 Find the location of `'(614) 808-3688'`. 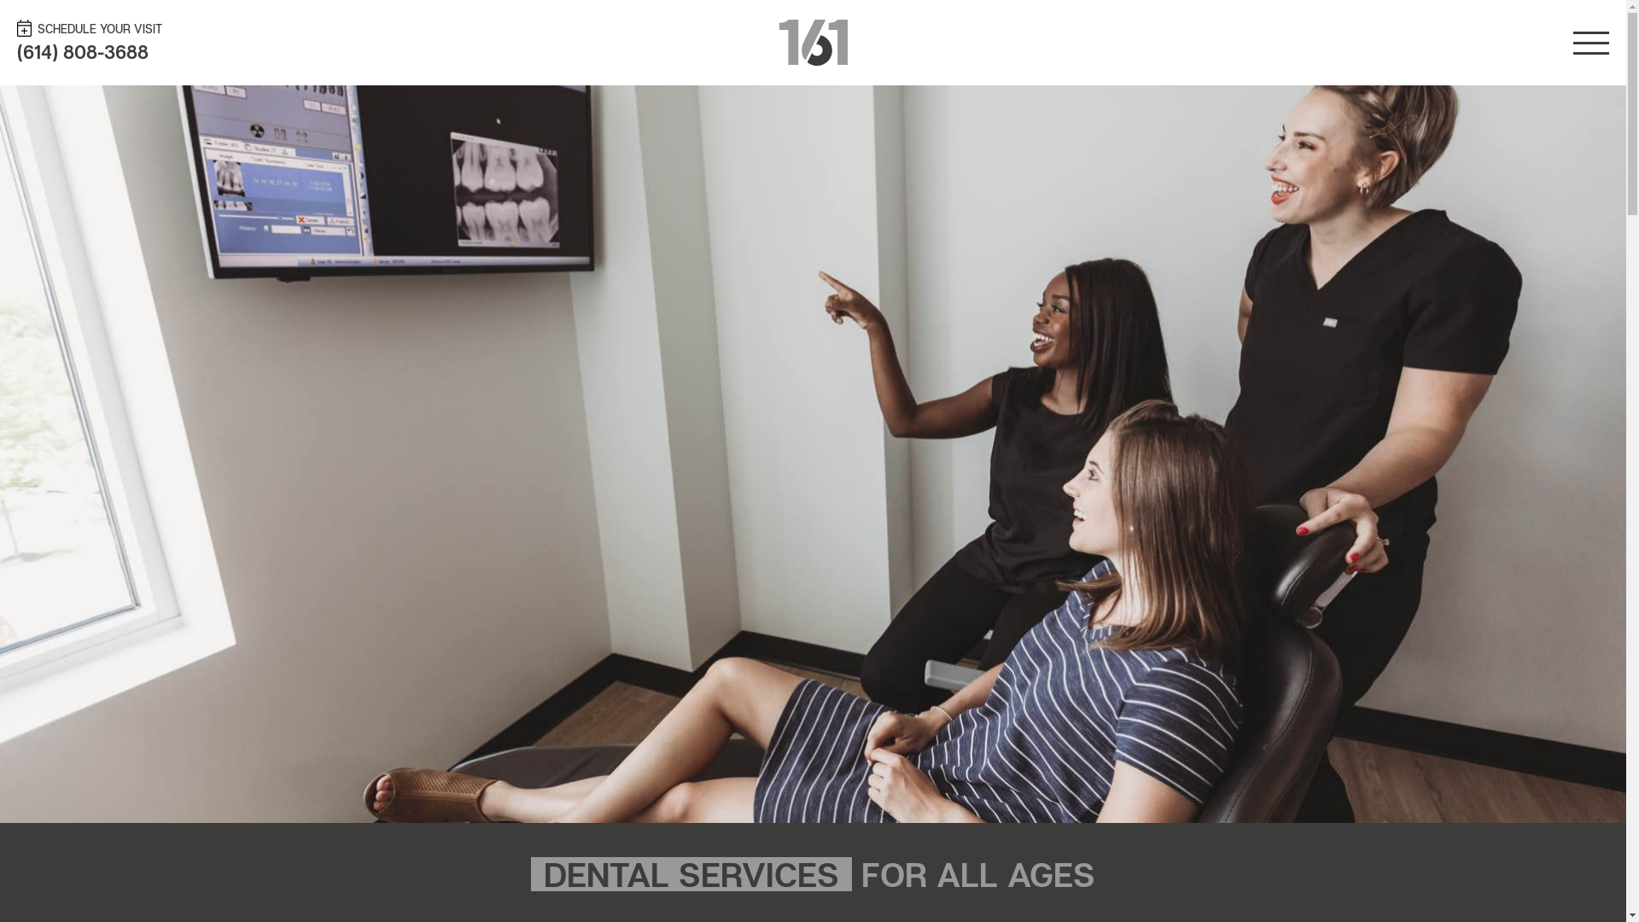

'(614) 808-3688' is located at coordinates (16, 51).